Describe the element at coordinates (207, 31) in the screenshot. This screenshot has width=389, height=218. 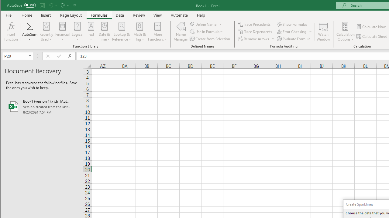
I see `'Use in Formula'` at that location.